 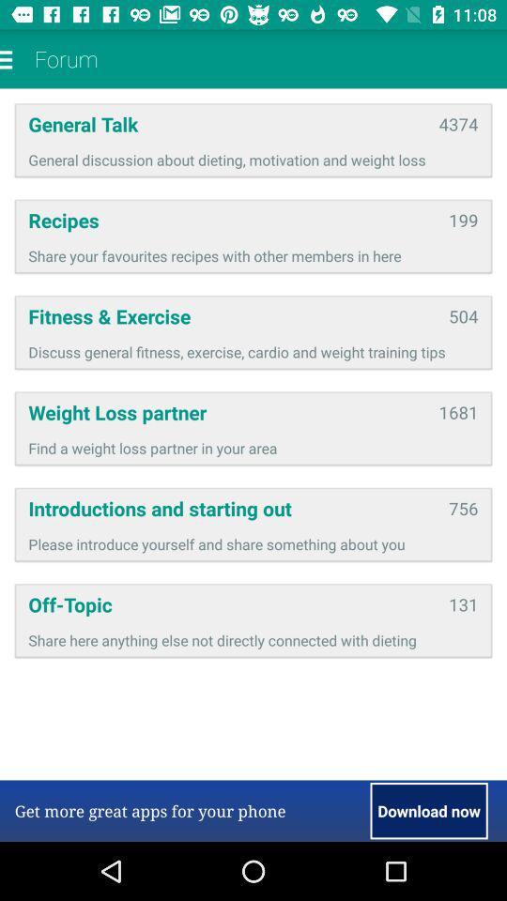 What do you see at coordinates (253, 254) in the screenshot?
I see `icon above fitness & exercise` at bounding box center [253, 254].